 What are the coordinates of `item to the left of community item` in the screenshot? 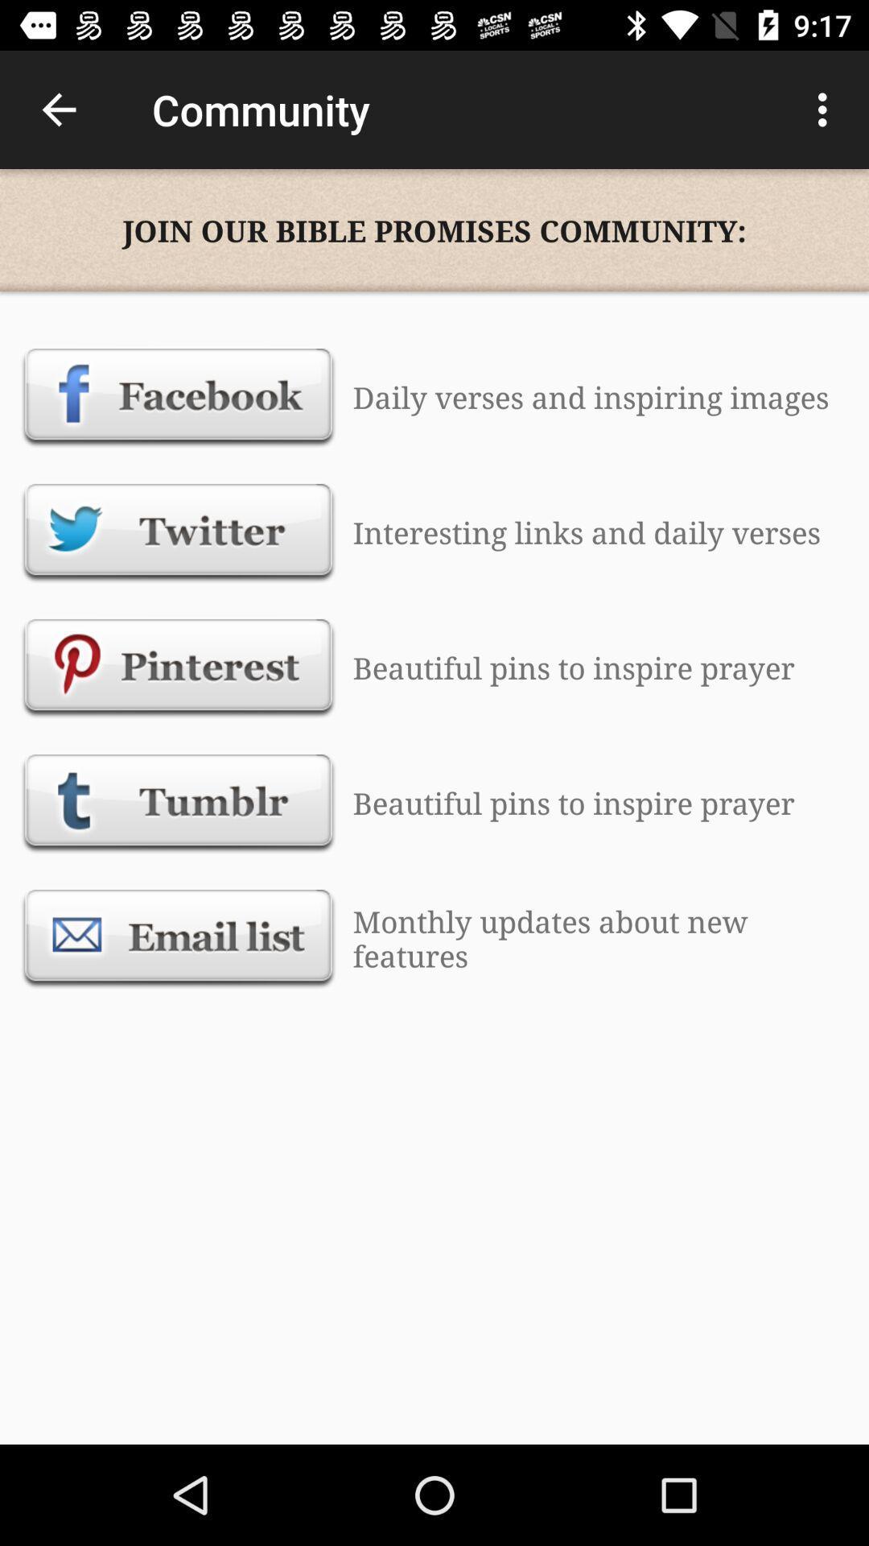 It's located at (58, 109).